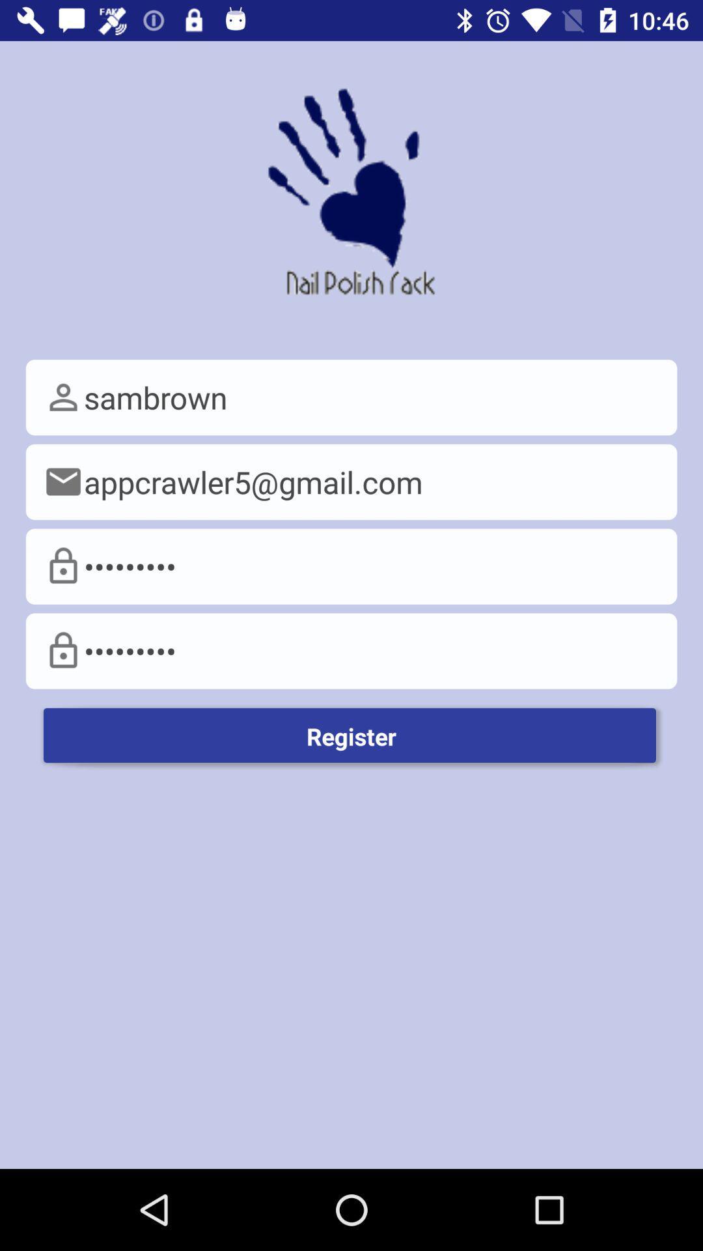 Image resolution: width=703 pixels, height=1251 pixels. I want to click on the sambrown item, so click(351, 397).